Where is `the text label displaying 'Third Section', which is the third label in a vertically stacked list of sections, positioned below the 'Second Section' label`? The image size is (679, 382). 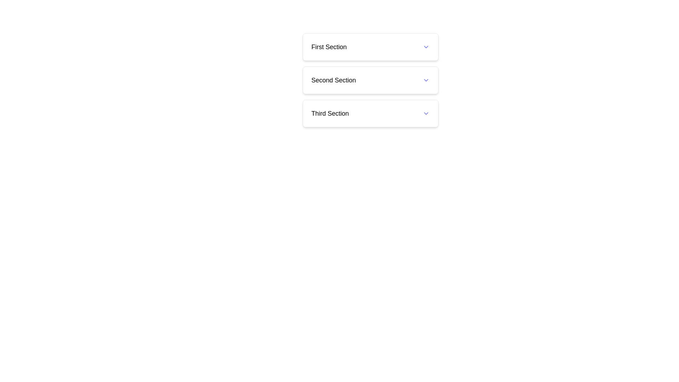 the text label displaying 'Third Section', which is the third label in a vertically stacked list of sections, positioned below the 'Second Section' label is located at coordinates (330, 113).